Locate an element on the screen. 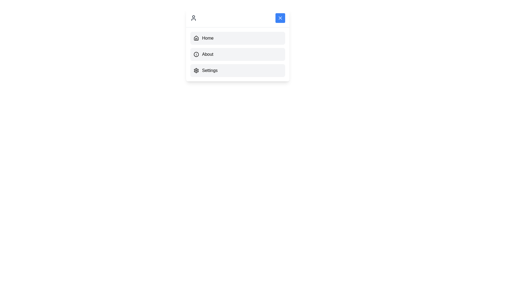  the circular icon component filled with white color and outlined by a black border, which is positioned adjacent to the 'About' label in the vertical navigation list is located at coordinates (196, 54).